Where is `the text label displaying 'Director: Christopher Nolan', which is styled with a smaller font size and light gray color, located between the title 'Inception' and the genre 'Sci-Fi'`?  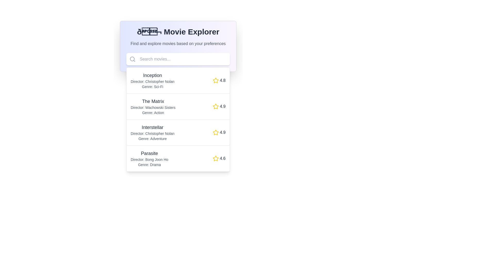 the text label displaying 'Director: Christopher Nolan', which is styled with a smaller font size and light gray color, located between the title 'Inception' and the genre 'Sci-Fi' is located at coordinates (152, 81).